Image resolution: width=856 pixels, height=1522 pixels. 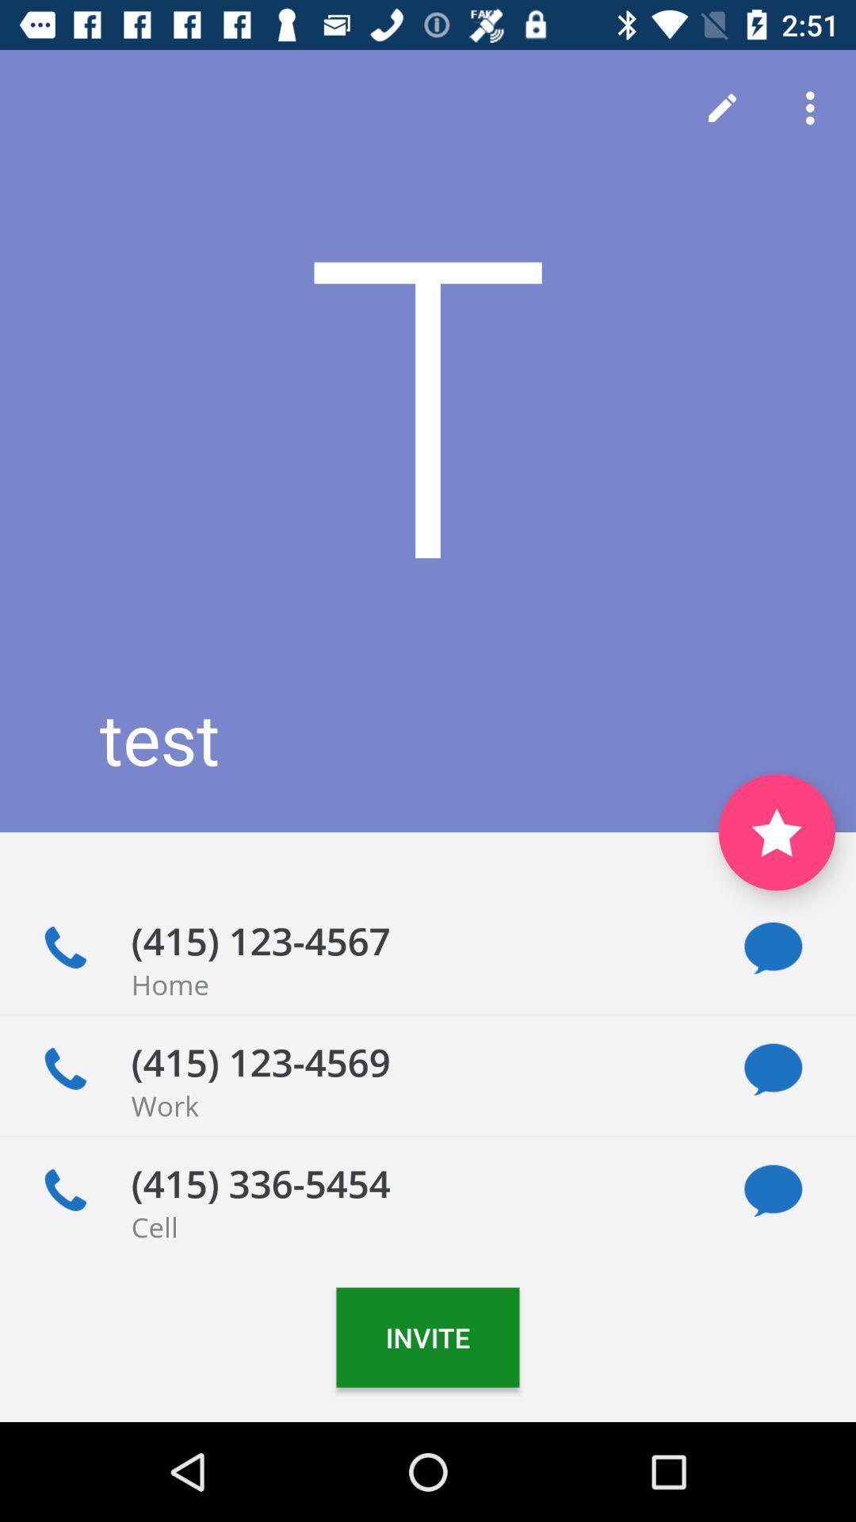 What do you see at coordinates (772, 948) in the screenshot?
I see `shows massage icon` at bounding box center [772, 948].